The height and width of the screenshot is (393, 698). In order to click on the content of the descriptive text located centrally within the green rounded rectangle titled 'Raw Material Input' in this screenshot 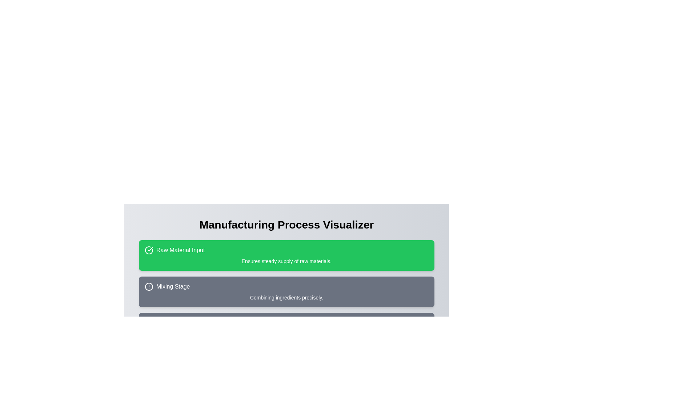, I will do `click(286, 261)`.